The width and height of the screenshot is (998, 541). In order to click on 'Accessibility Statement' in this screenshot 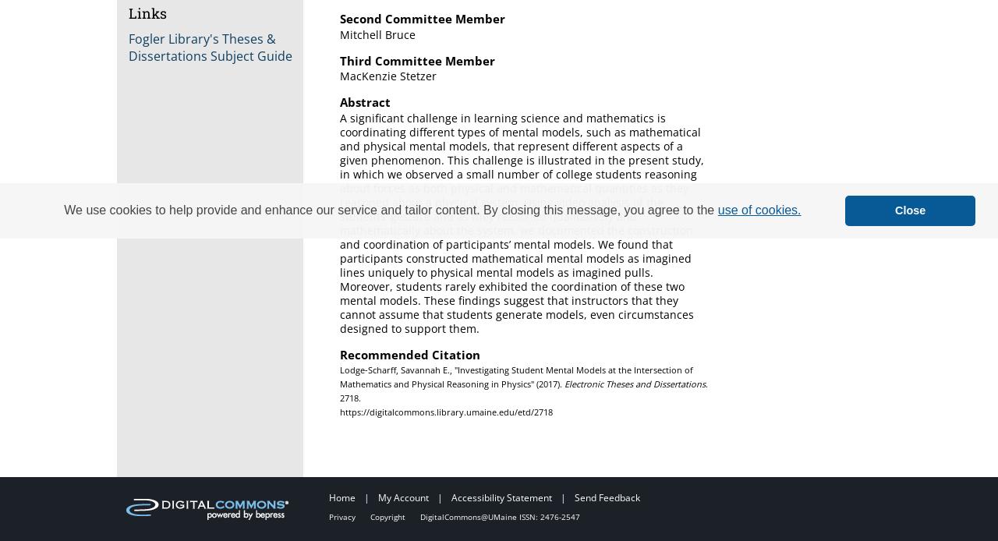, I will do `click(502, 497)`.